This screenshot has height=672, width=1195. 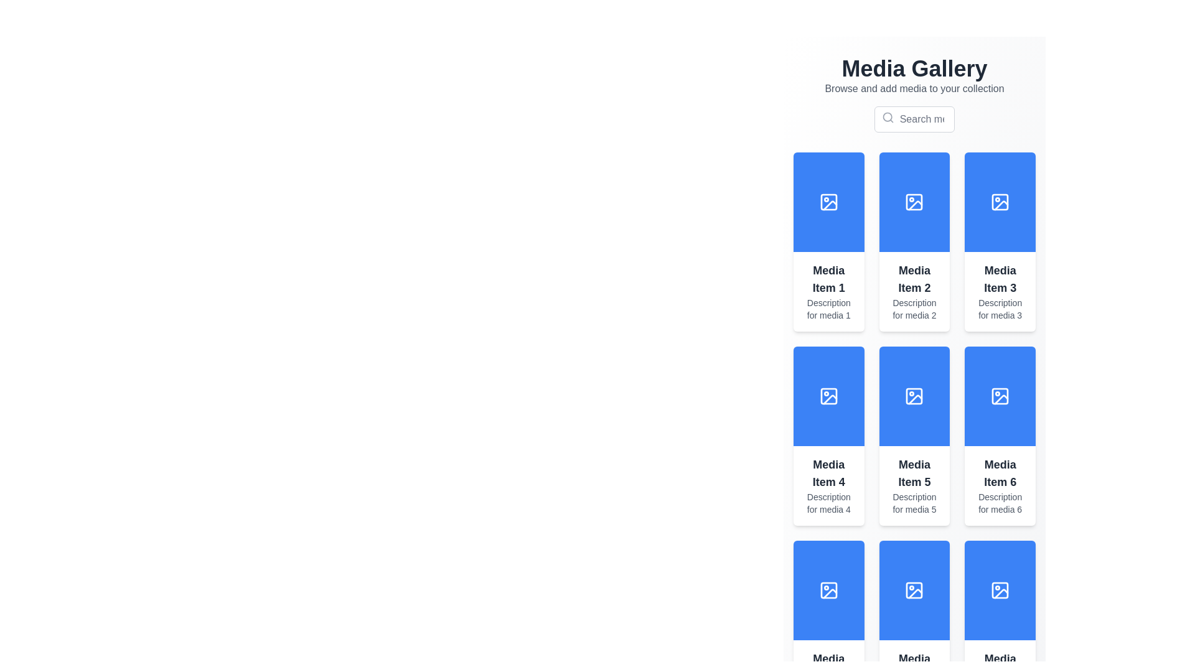 What do you see at coordinates (828, 292) in the screenshot?
I see `the textual element displaying 'Media Item 1' and its description 'Description for media 1'` at bounding box center [828, 292].